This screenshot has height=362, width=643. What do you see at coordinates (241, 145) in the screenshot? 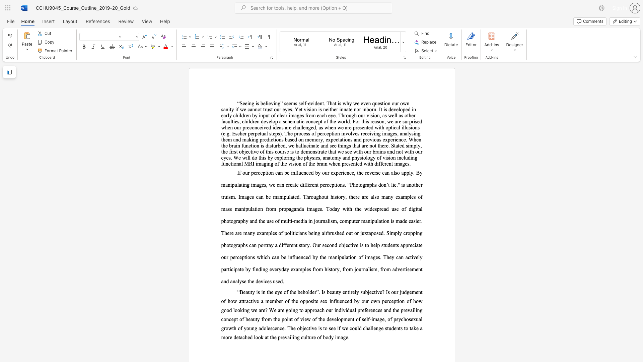
I see `the subset text "function is disturbed, we hallucinate and see things that are not there. Stated simply, the first objective of this course is to demonstrate that we see with our brains and not with our eyes. We will do this by exploring the physics, anatomy and physiology of vision including functional MRI imaging of the vision of the brain when presen" within the text "involves receiving images, analysing them and making predictions based on memory, expectations and previous experience. When the brain function is disturbed, we hallucinate and see things that are not there. Stated simply, the first objective of this course is to demonstrate that we see with our brains and not with our eyes. We will do this by exploring the physics, anatomy and physiology of vision including functional MRI imaging of the vision of the brain when presented with different images."` at bounding box center [241, 145].